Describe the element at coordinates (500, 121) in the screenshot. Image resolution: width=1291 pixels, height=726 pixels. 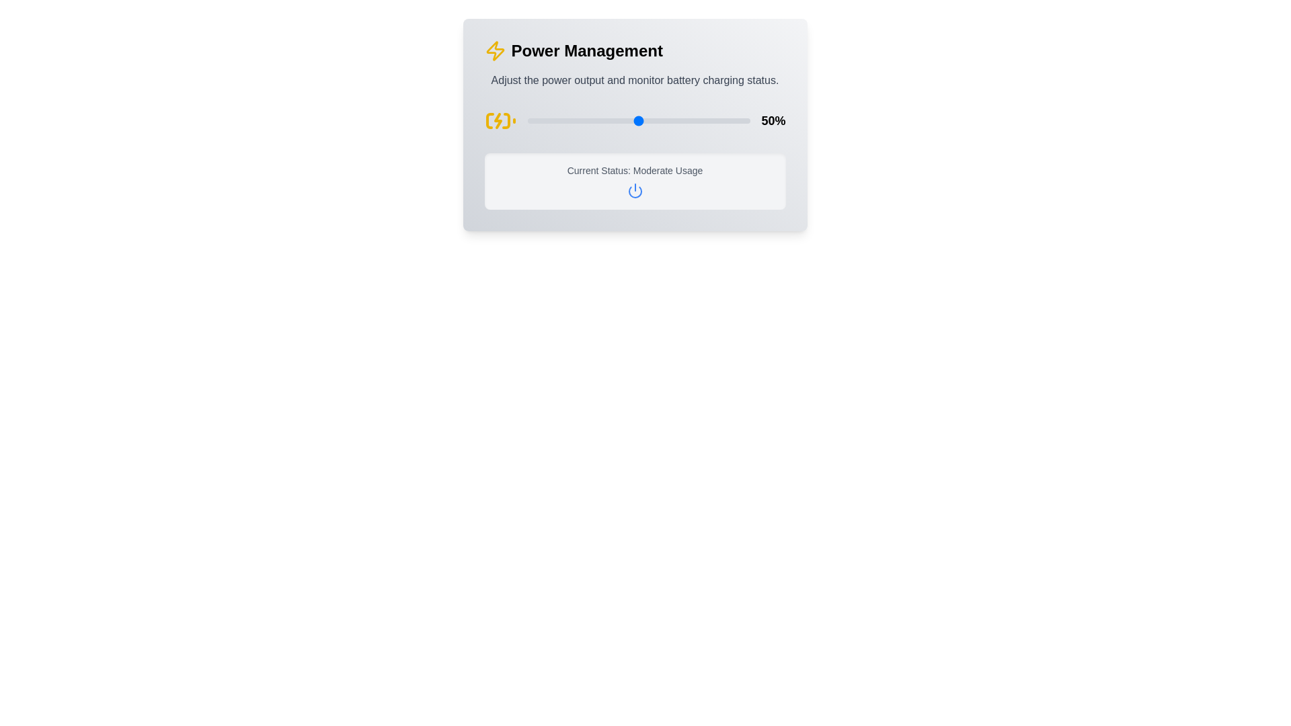
I see `the battery charging status icon to check its status` at that location.